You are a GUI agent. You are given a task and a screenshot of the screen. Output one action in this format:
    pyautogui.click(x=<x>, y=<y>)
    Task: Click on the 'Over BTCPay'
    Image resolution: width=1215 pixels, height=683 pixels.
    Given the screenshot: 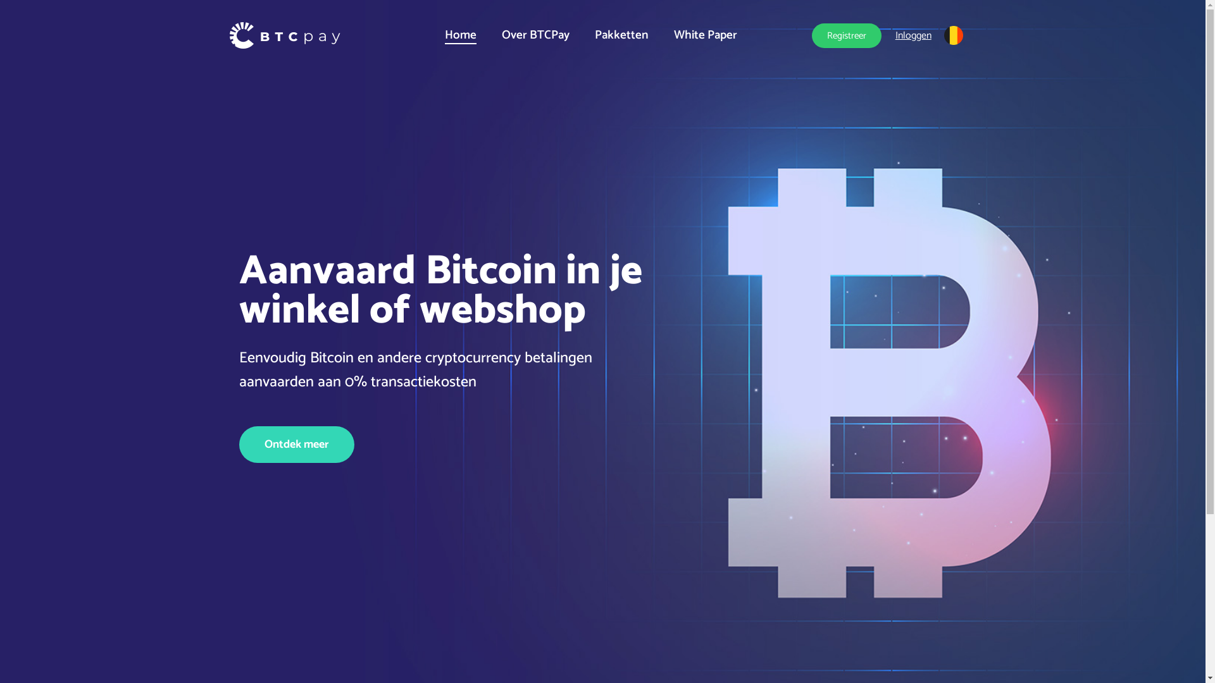 What is the action you would take?
    pyautogui.click(x=535, y=35)
    